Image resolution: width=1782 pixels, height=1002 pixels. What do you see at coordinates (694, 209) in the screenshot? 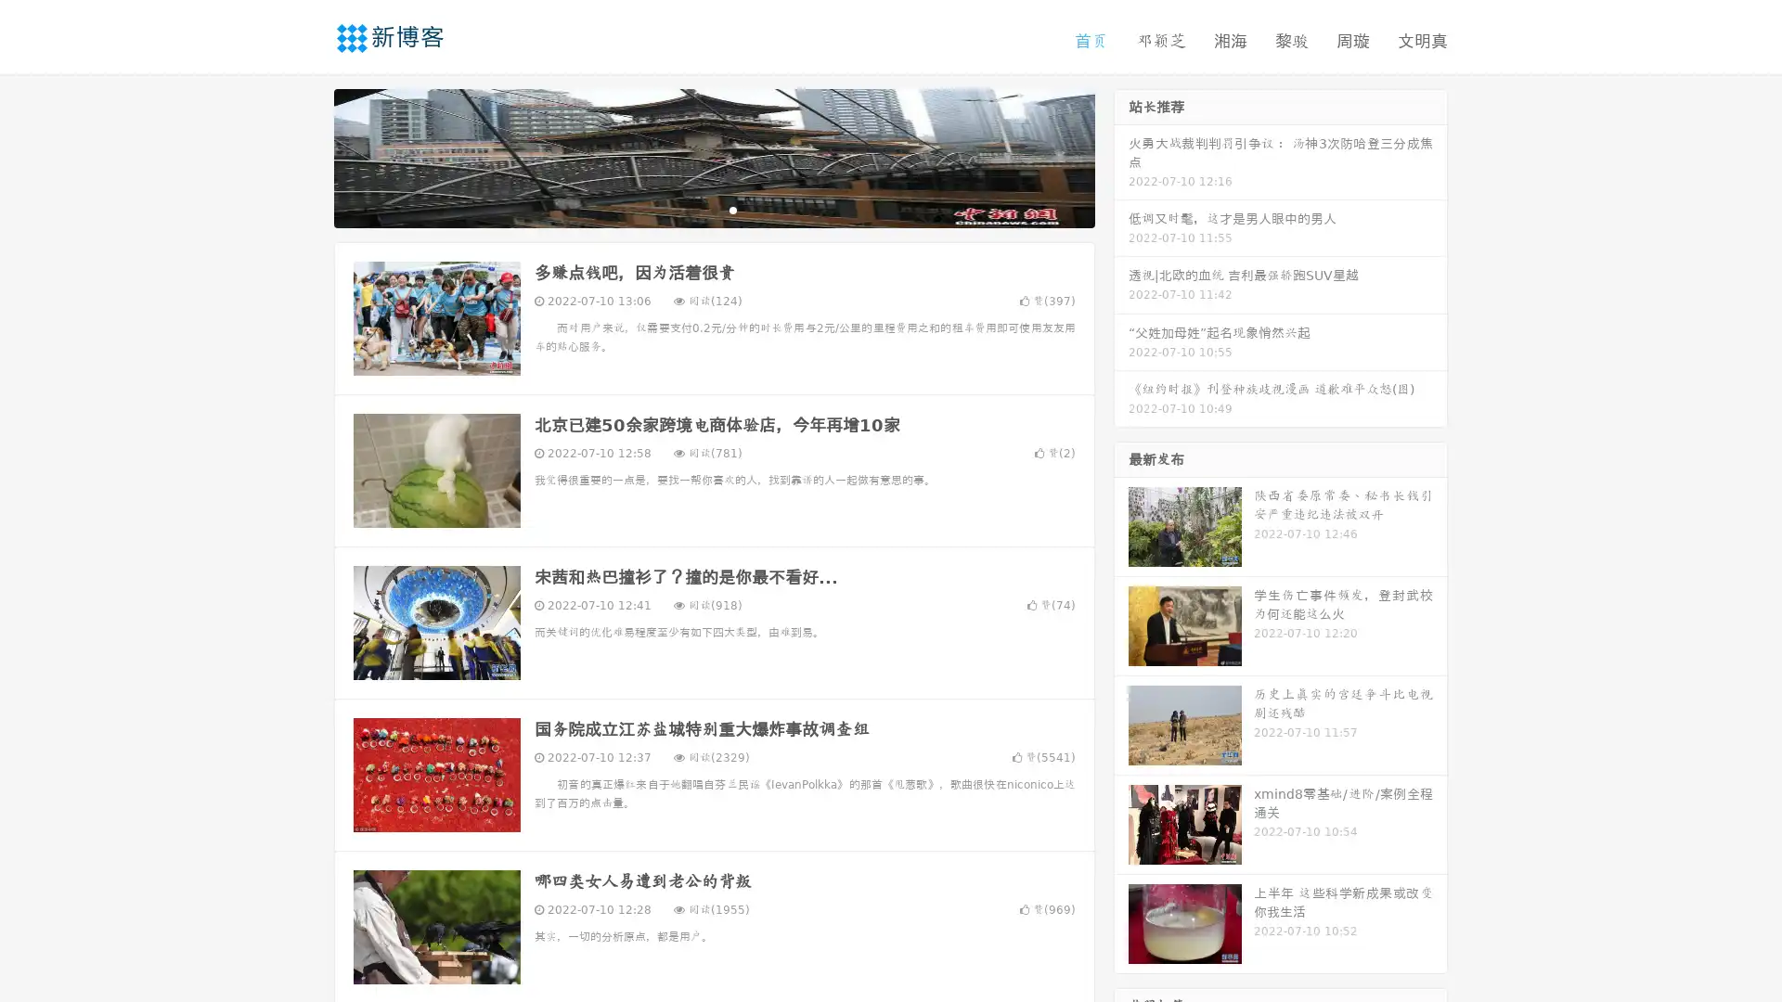
I see `Go to slide 1` at bounding box center [694, 209].